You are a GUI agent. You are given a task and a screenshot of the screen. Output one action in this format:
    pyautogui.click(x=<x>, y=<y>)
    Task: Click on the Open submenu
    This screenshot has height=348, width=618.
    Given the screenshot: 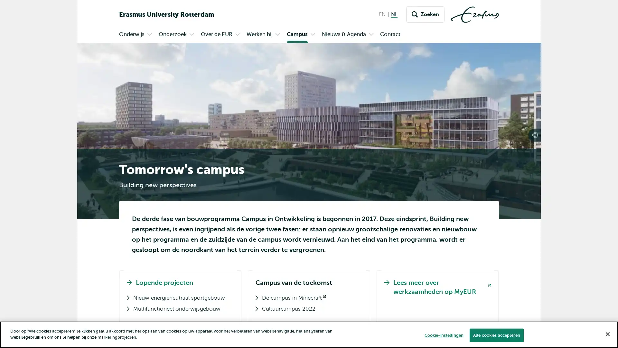 What is the action you would take?
    pyautogui.click(x=191, y=35)
    